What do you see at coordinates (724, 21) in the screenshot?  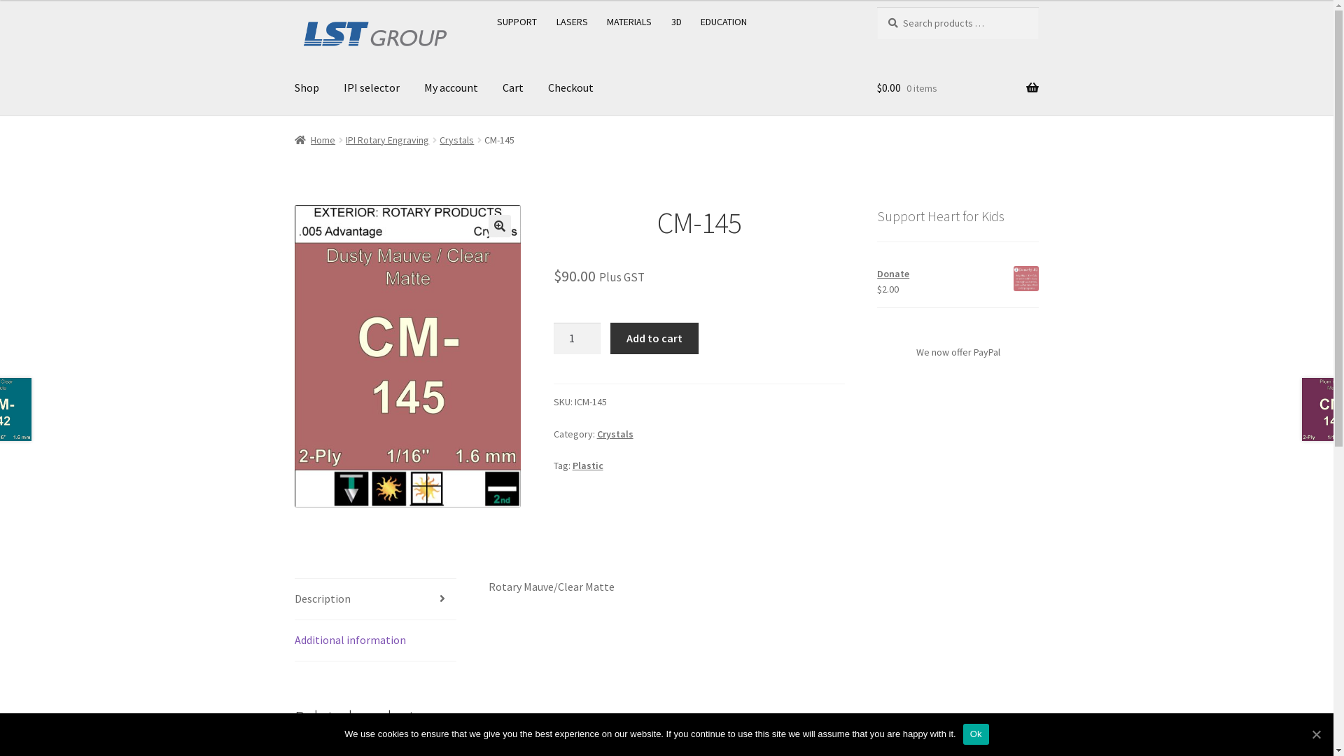 I see `'EDUCATION'` at bounding box center [724, 21].